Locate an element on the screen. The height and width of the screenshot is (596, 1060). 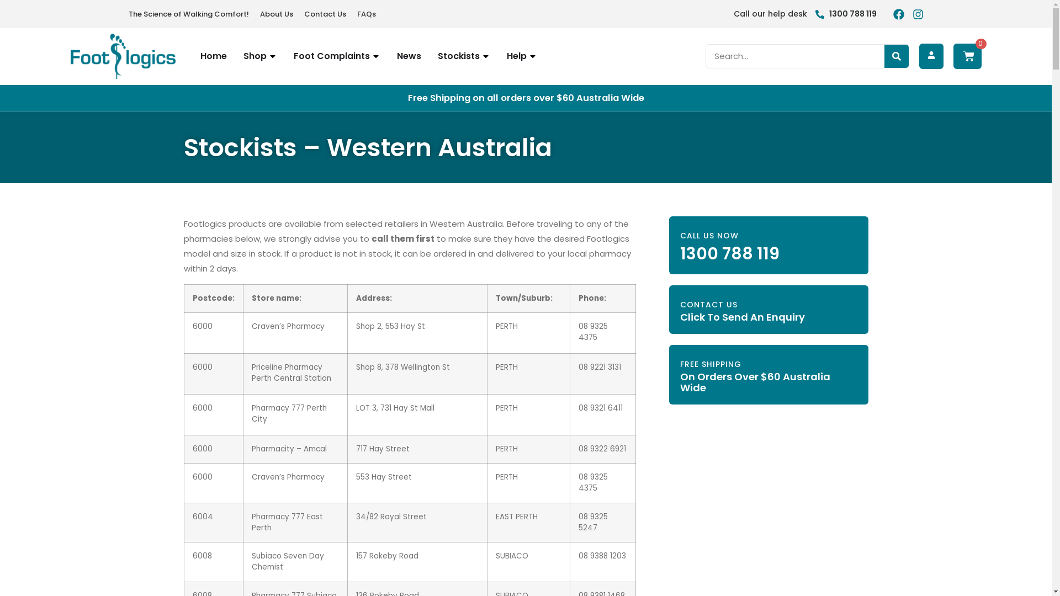
'CALL US NOW' is located at coordinates (680, 235).